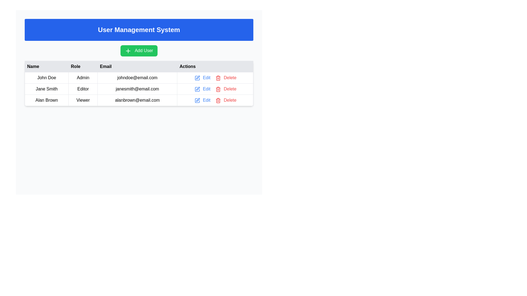  What do you see at coordinates (215, 89) in the screenshot?
I see `the 'Edit' link located in the second row of the table under the 'Actions' column, following the email 'janesmith@email.com' and the role 'Editor', to modify the user details` at bounding box center [215, 89].